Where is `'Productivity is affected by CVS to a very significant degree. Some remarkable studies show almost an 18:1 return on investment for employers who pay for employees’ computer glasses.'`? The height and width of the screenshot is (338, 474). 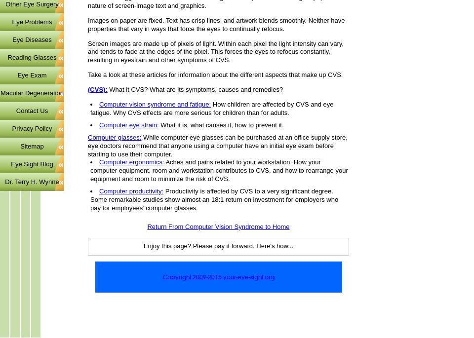
'Productivity is affected by CVS to a very significant degree. Some remarkable studies show almost an 18:1 return on investment for employers who pay for employees’ computer glasses.' is located at coordinates (214, 199).